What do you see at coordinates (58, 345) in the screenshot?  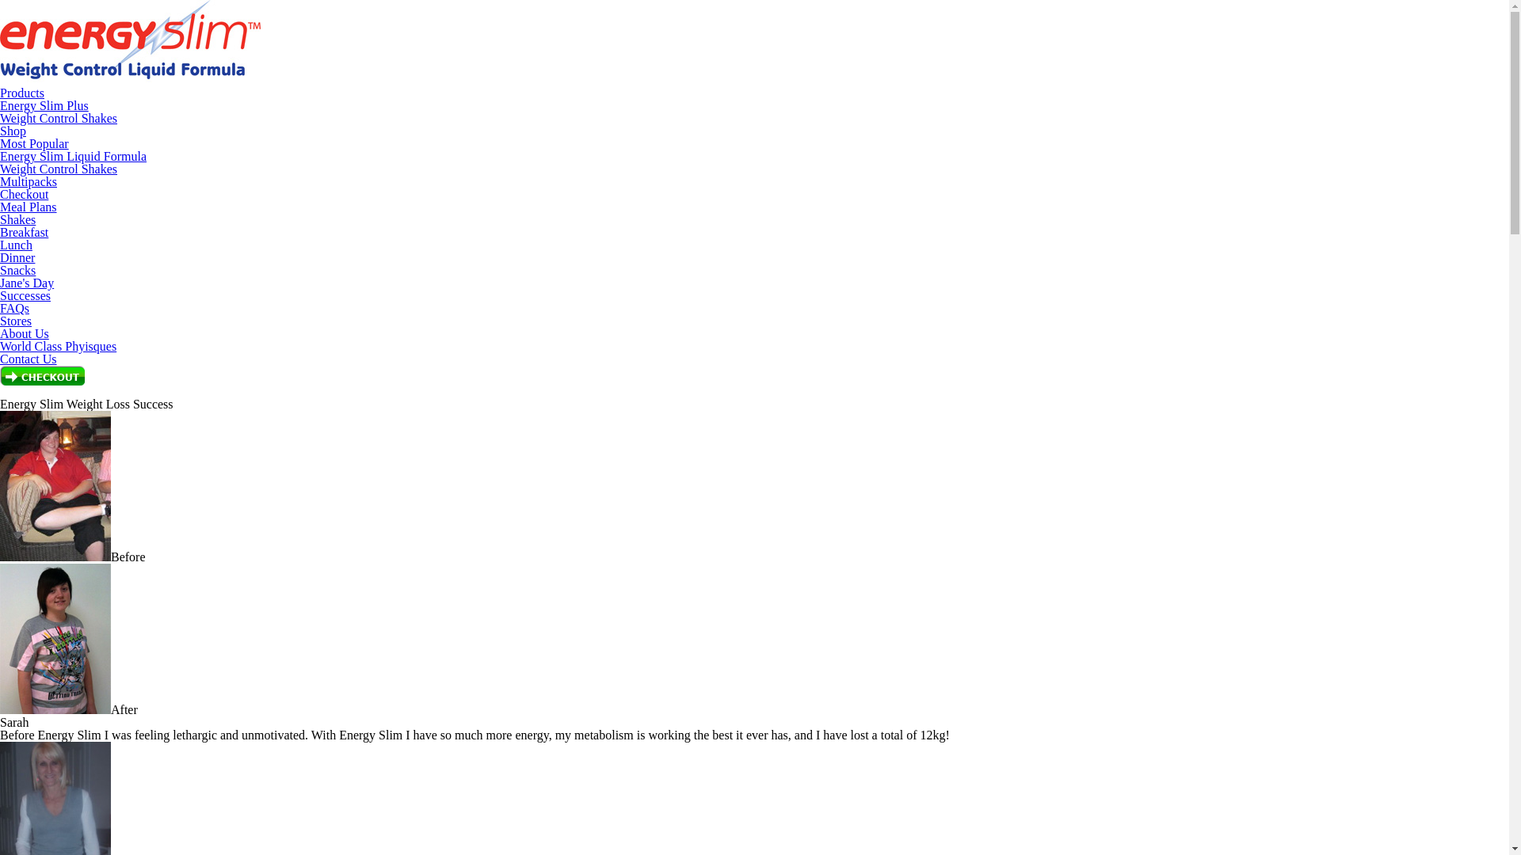 I see `'World Class Phyisques'` at bounding box center [58, 345].